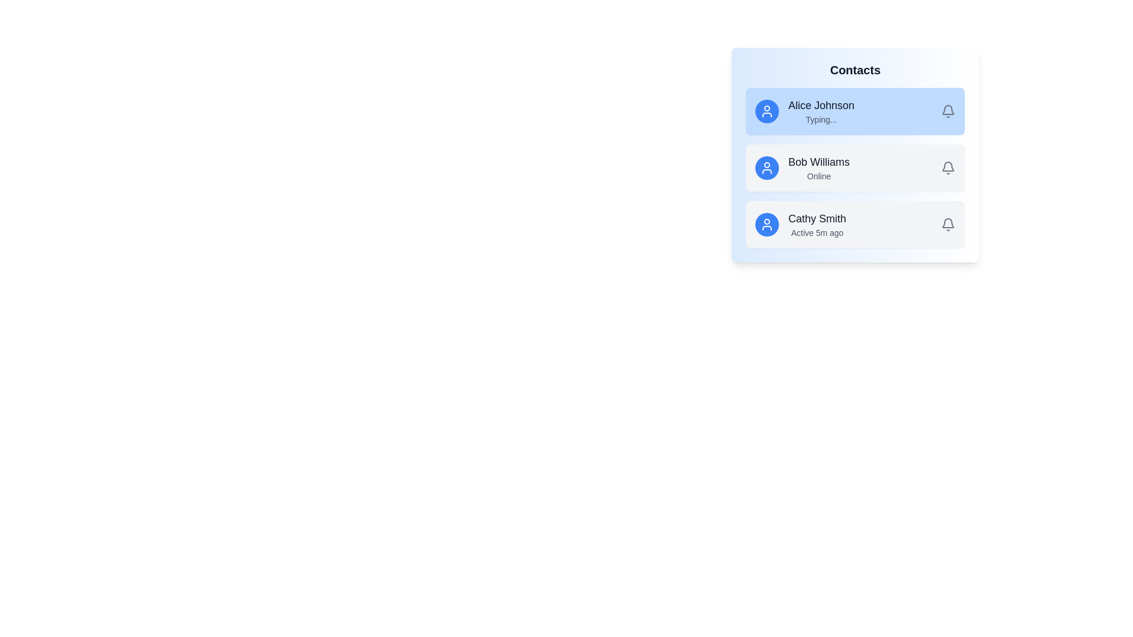  Describe the element at coordinates (855, 225) in the screenshot. I see `the third list item displaying the profile picture of Cathy Smith with status 'Active 5m ago'` at that location.